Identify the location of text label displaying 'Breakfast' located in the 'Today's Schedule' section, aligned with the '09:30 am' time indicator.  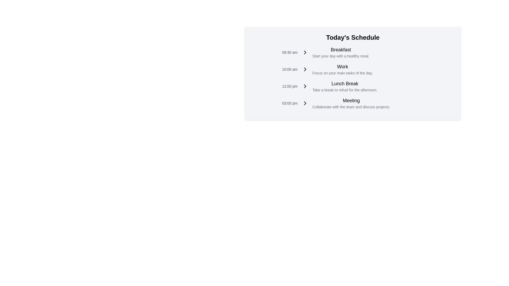
(341, 50).